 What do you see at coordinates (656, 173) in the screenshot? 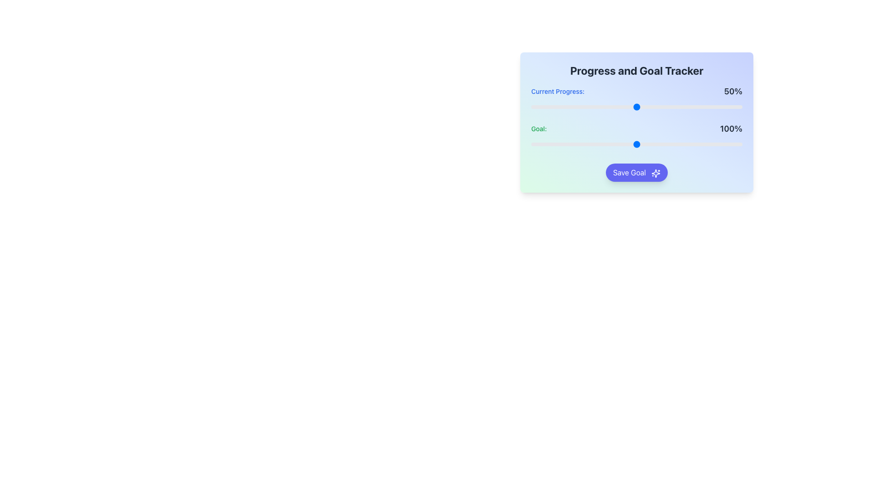
I see `the decorative icon located to the right of the 'Save Goal' text within the button at the bottom of the interface` at bounding box center [656, 173].